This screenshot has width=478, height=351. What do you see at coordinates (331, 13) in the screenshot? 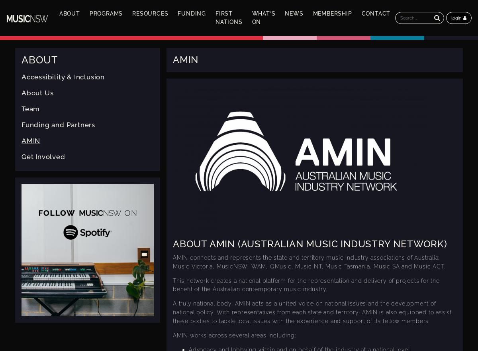
I see `'Membership'` at bounding box center [331, 13].